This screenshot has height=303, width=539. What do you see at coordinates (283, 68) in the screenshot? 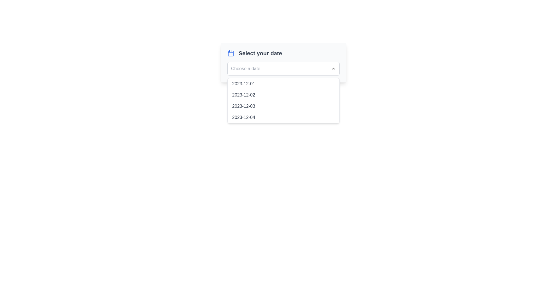
I see `the 'Choose a date' dropdown menu to type or interact with it` at bounding box center [283, 68].